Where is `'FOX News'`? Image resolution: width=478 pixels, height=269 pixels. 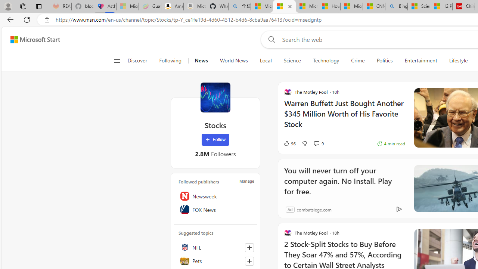
'FOX News' is located at coordinates (215, 210).